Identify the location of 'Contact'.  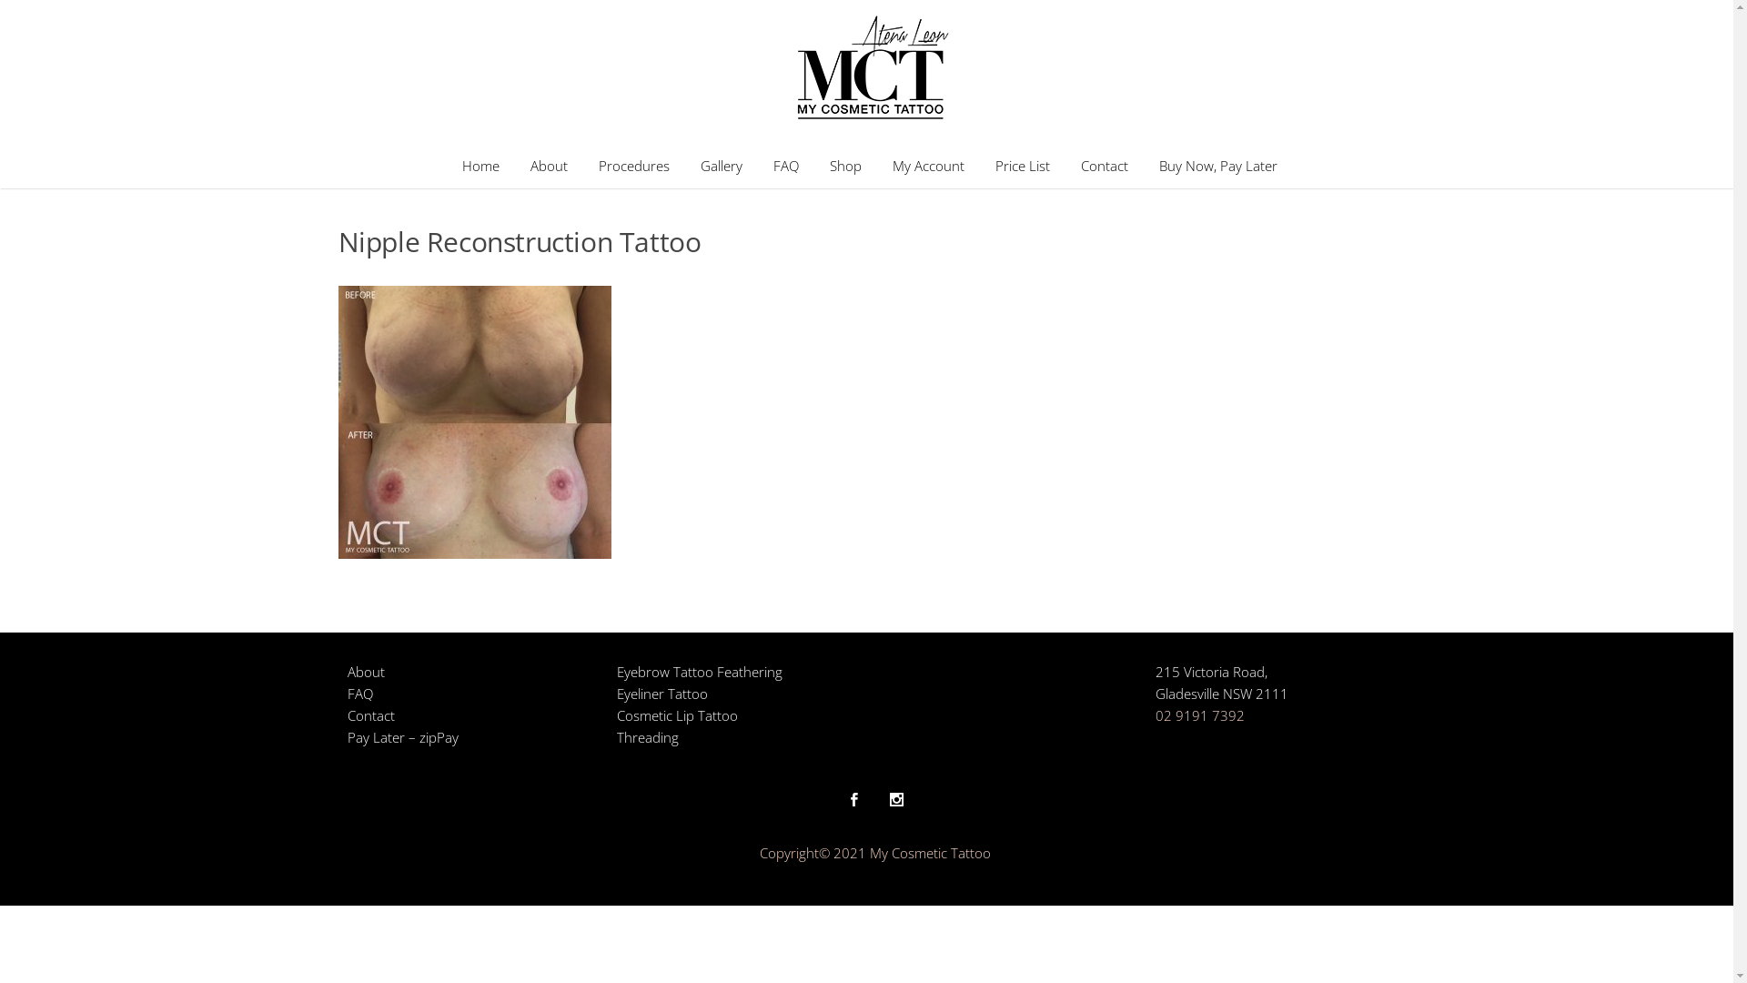
(370, 714).